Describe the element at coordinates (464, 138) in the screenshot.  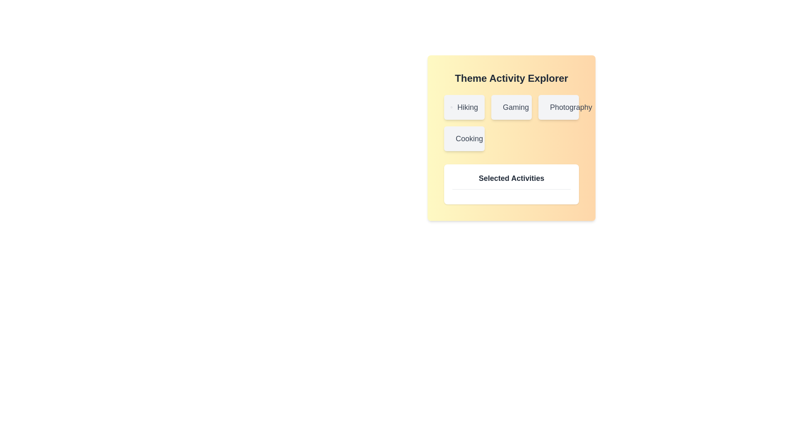
I see `the 'Cooking' button, which is styled with a rounded border and light gray background, located in the second row, first column of the activities grid` at that location.